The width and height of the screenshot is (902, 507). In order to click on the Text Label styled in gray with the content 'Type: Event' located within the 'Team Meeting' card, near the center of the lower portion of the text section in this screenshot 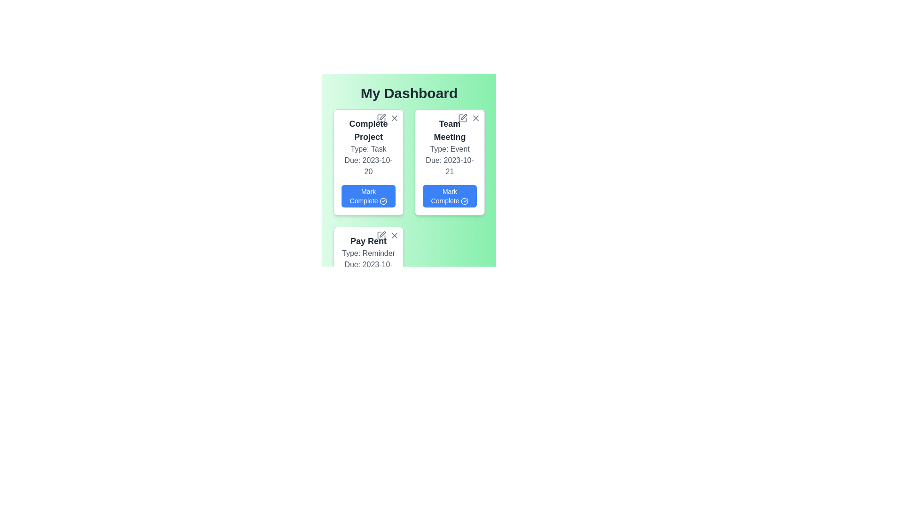, I will do `click(449, 148)`.